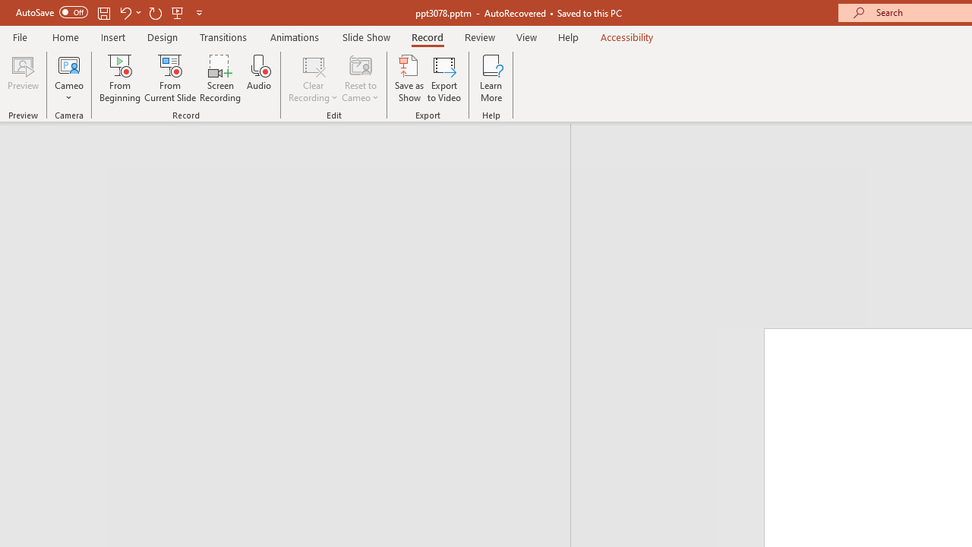 This screenshot has width=972, height=547. I want to click on 'Undo', so click(129, 12).